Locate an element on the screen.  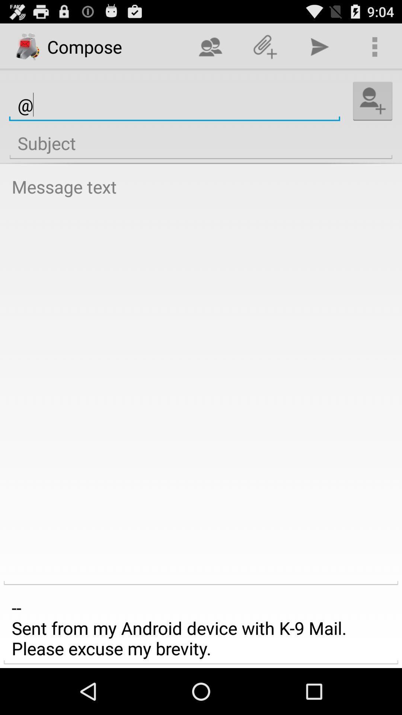
input message text is located at coordinates (201, 378).